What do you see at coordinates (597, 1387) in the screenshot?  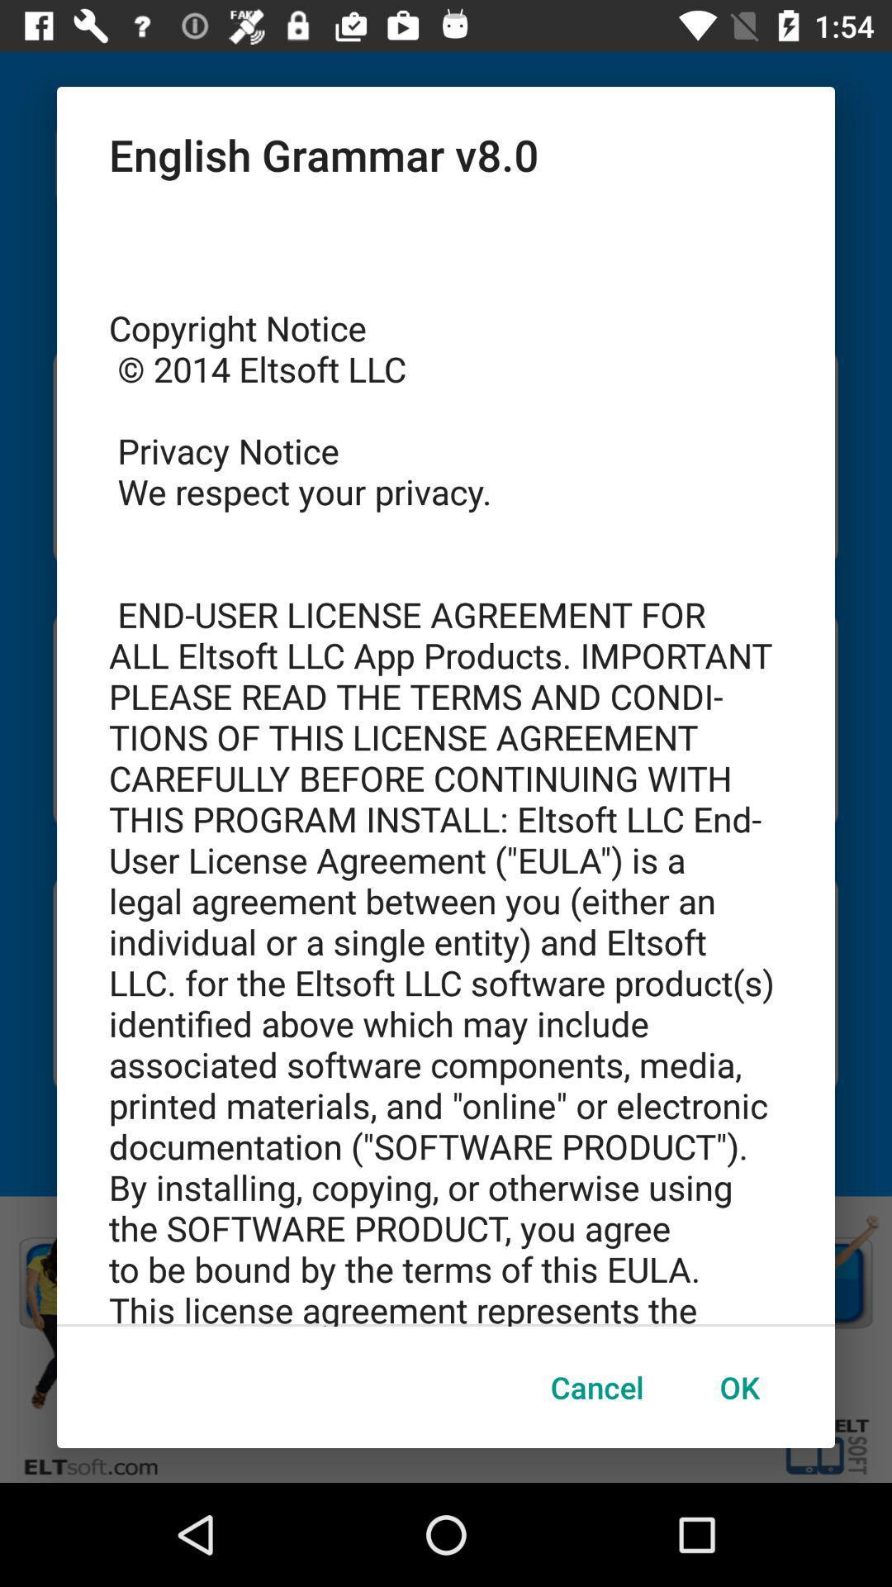 I see `the cancel` at bounding box center [597, 1387].